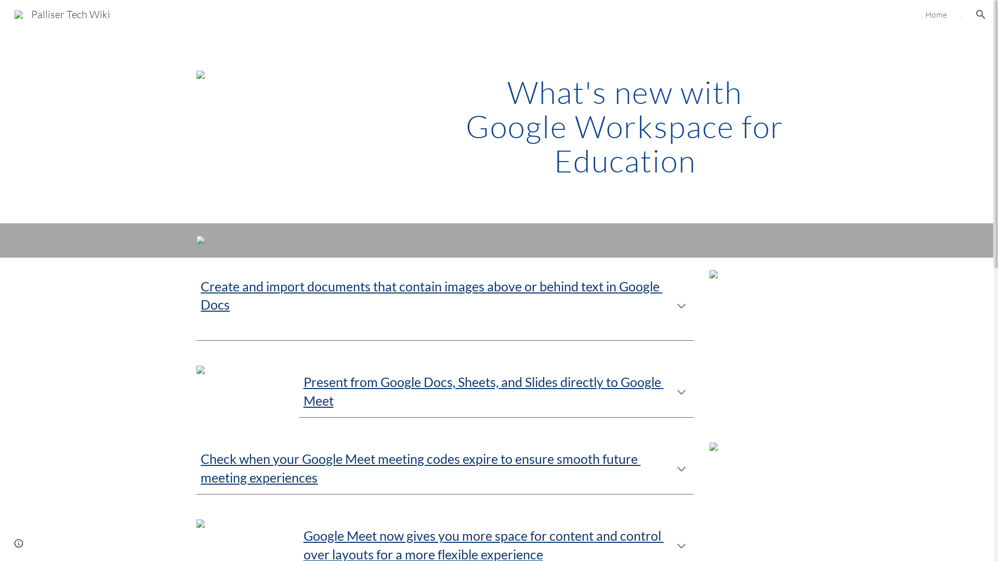  What do you see at coordinates (936, 14) in the screenshot?
I see `'Home'` at bounding box center [936, 14].